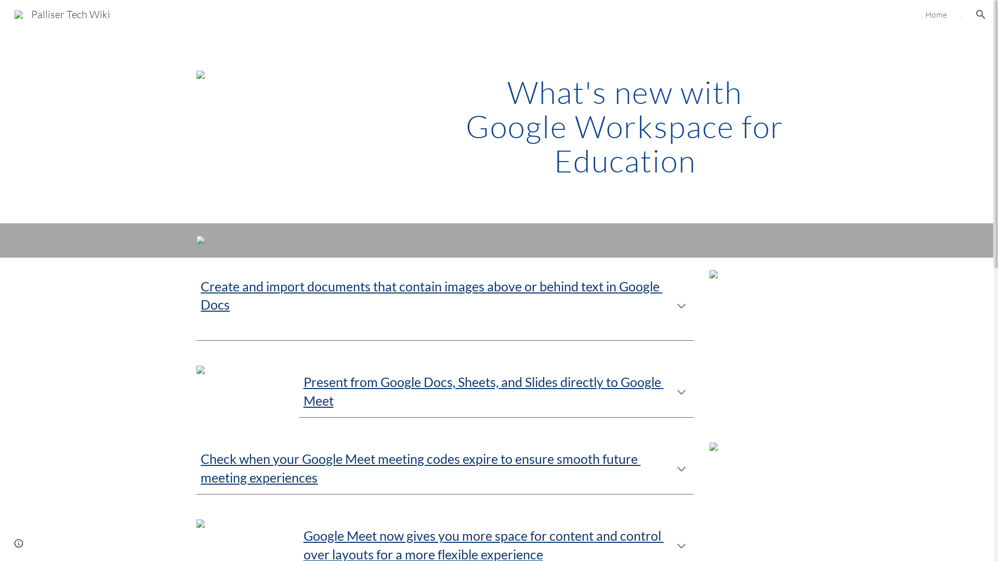  What do you see at coordinates (936, 14) in the screenshot?
I see `'Home'` at bounding box center [936, 14].